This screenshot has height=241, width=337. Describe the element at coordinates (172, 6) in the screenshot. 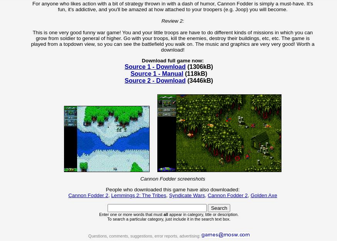

I see `'For anyone who likes action with a bit of strategy thrown in with a dash of humor, Cannon Fodder is simply a must-have. It's fun, it's addictive, and you'll be amazed at how attached to your troopers (e.g. Joop) you will become.'` at that location.